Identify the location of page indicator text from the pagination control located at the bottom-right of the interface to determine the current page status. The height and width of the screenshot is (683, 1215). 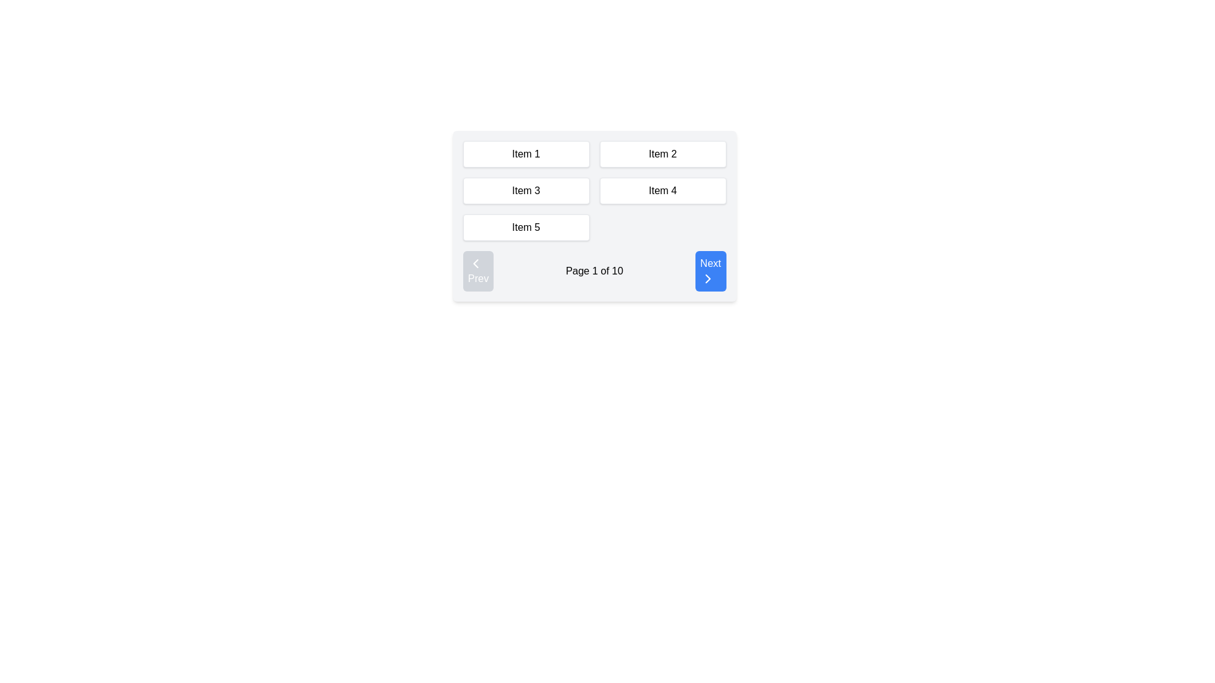
(594, 270).